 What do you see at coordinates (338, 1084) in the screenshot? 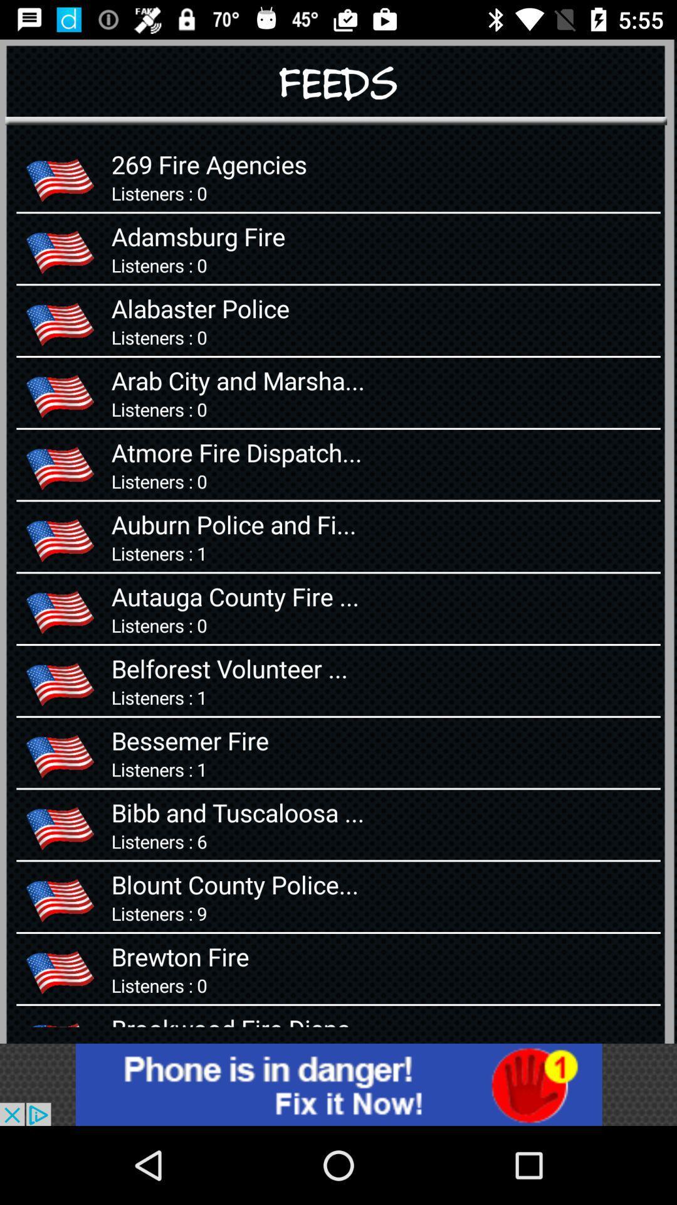
I see `adversitment` at bounding box center [338, 1084].